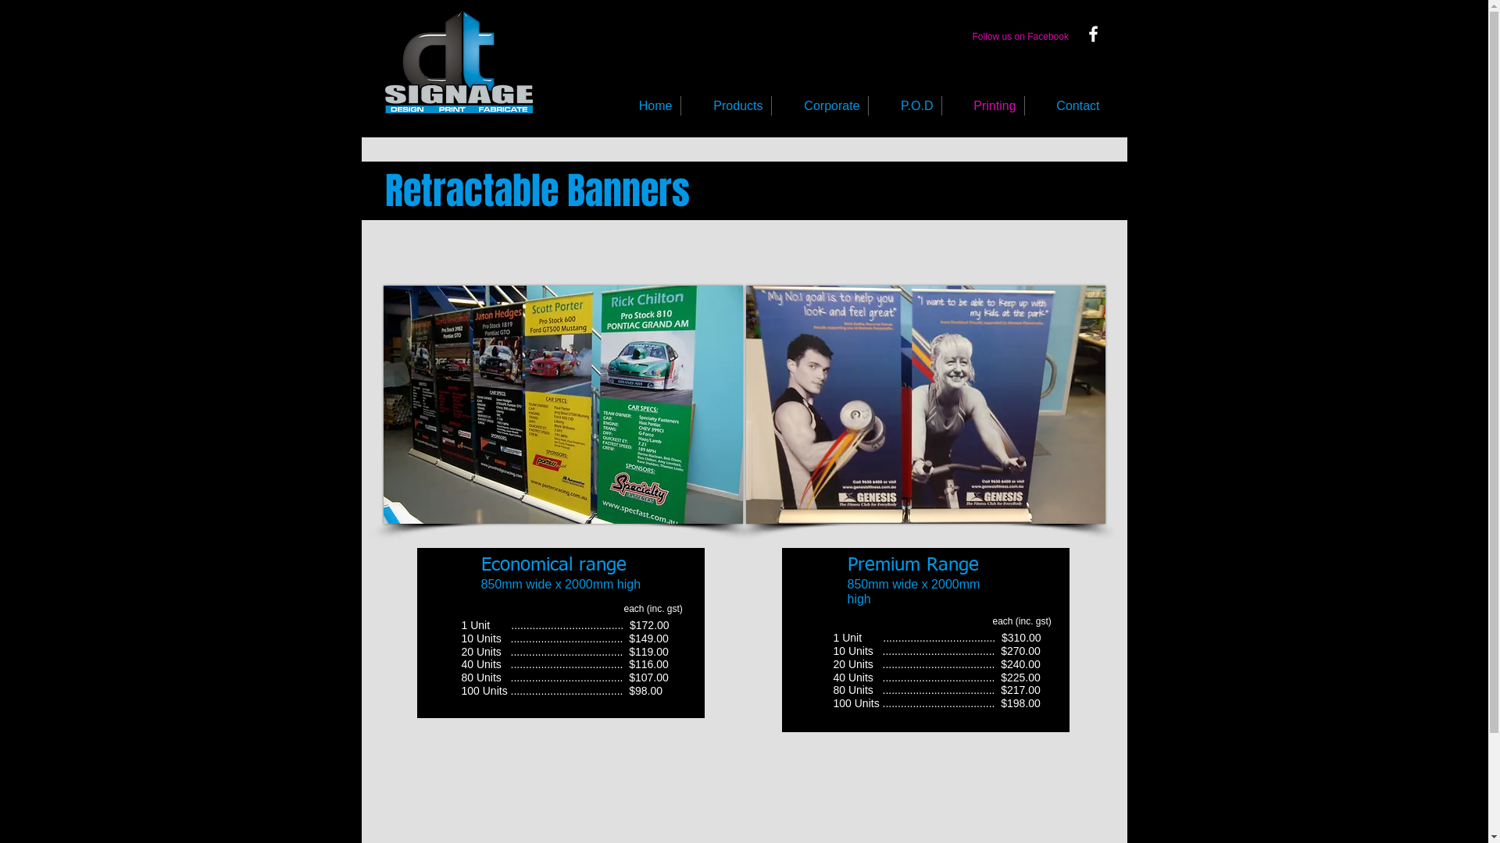 The height and width of the screenshot is (843, 1500). What do you see at coordinates (725, 105) in the screenshot?
I see `'Products'` at bounding box center [725, 105].